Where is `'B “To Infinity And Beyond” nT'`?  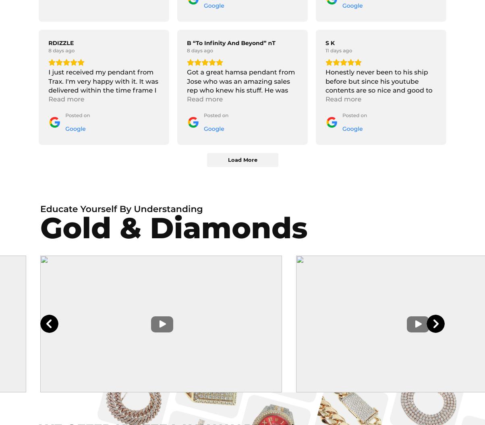 'B “To Infinity And Beyond” nT' is located at coordinates (231, 42).